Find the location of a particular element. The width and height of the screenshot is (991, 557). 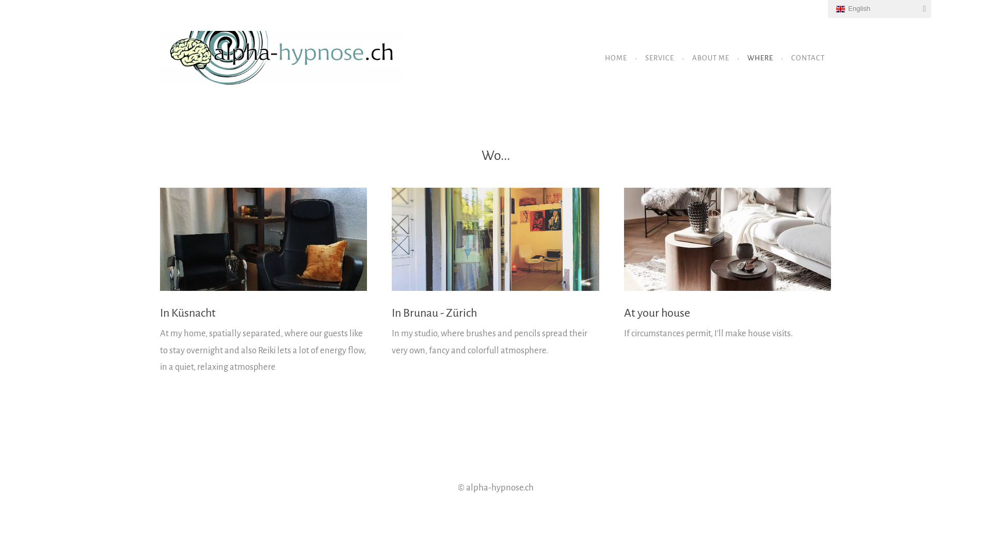

'CONTACT' is located at coordinates (807, 58).